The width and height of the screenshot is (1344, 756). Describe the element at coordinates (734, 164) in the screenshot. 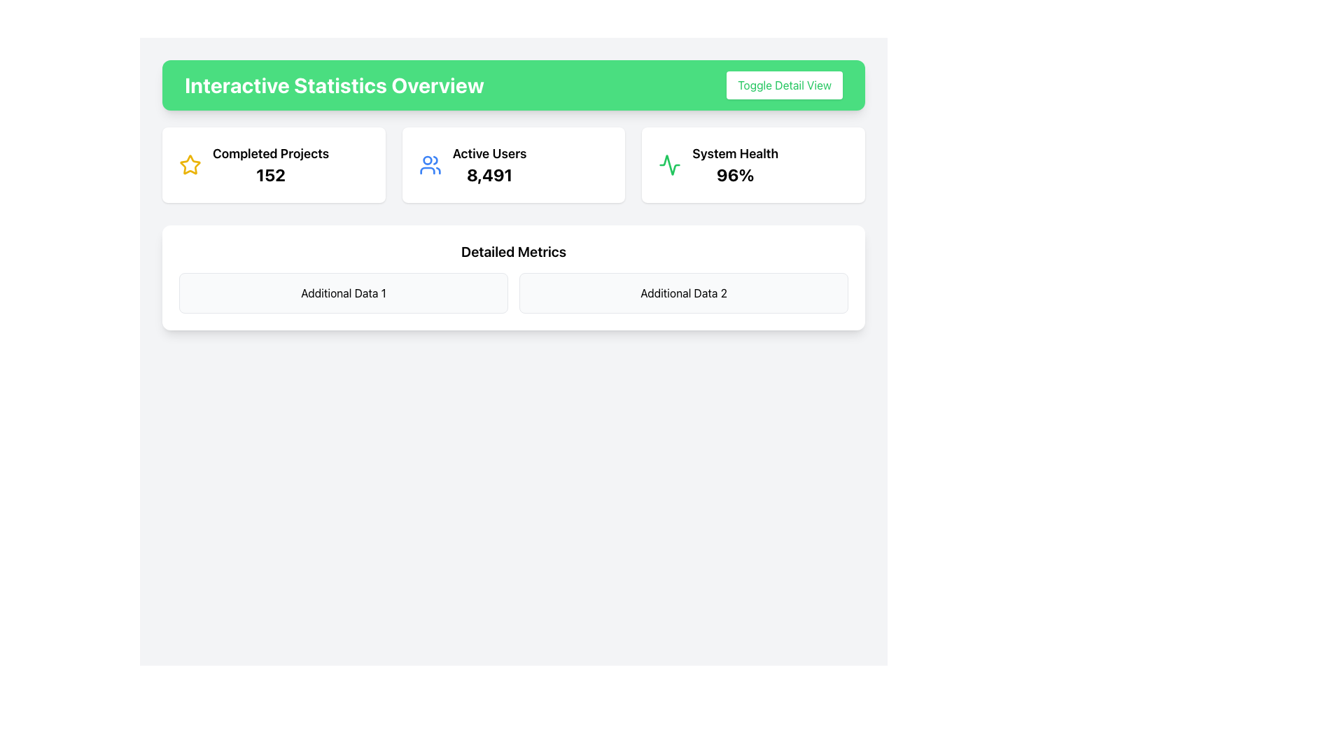

I see `attributes of the 'System Health' text display located in the top-right portion of the overview section, which shows 'System Health' in a larger, bold font and '96%' in an even larger, bolder font beneath it` at that location.